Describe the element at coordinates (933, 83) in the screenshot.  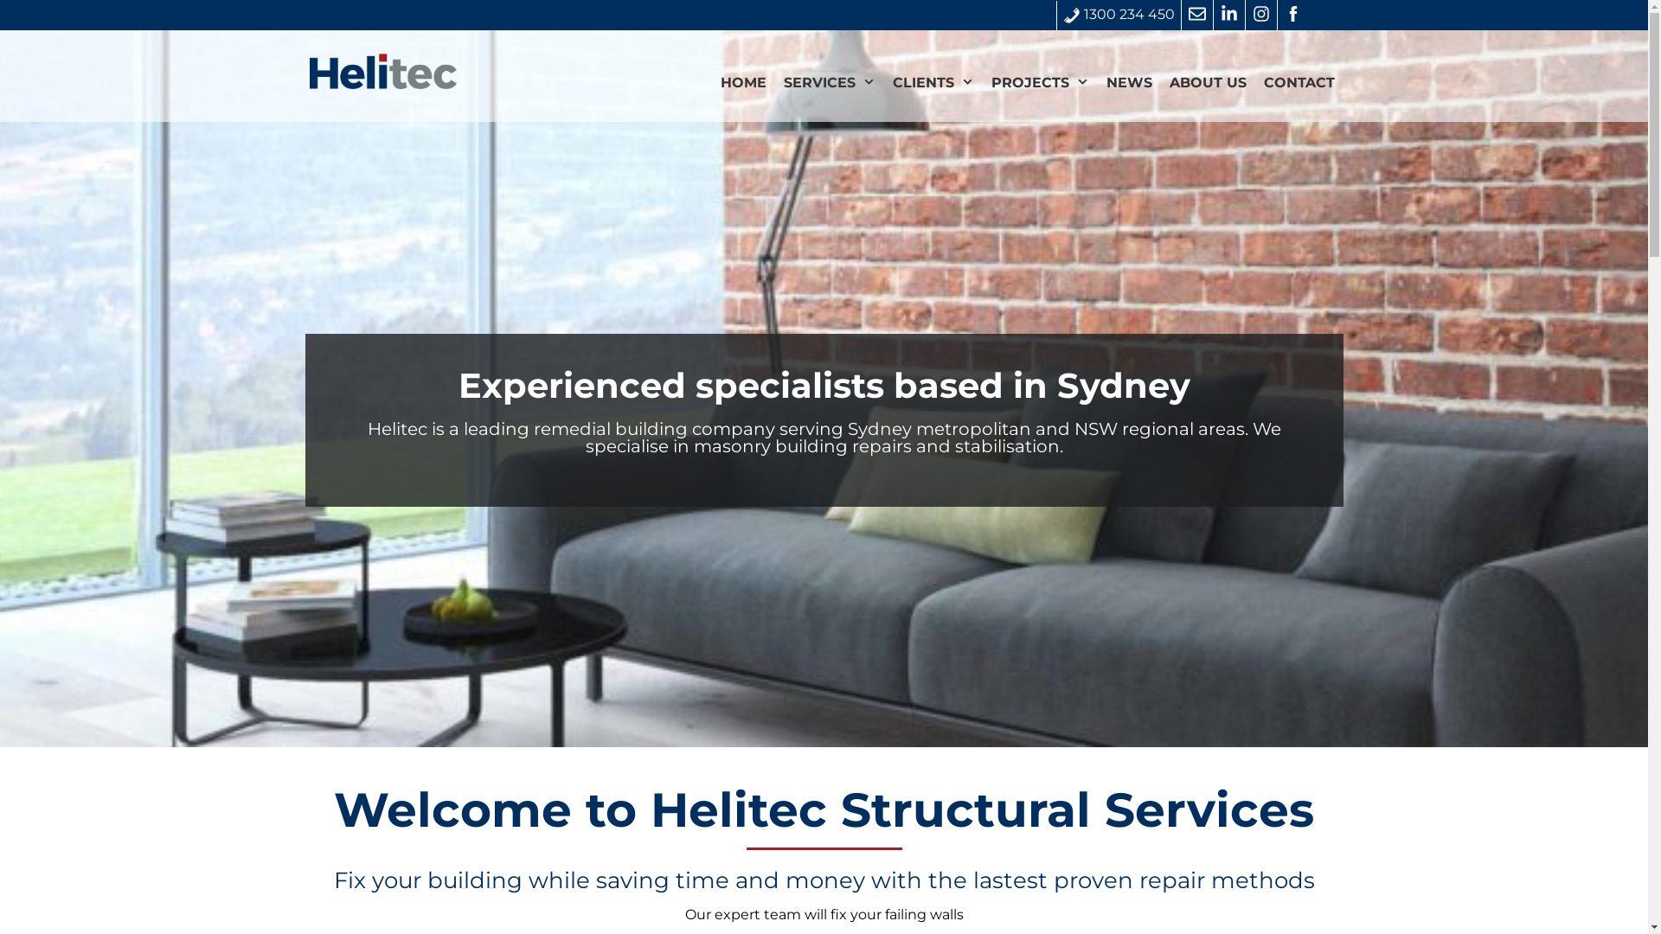
I see `'CLIENTS'` at that location.